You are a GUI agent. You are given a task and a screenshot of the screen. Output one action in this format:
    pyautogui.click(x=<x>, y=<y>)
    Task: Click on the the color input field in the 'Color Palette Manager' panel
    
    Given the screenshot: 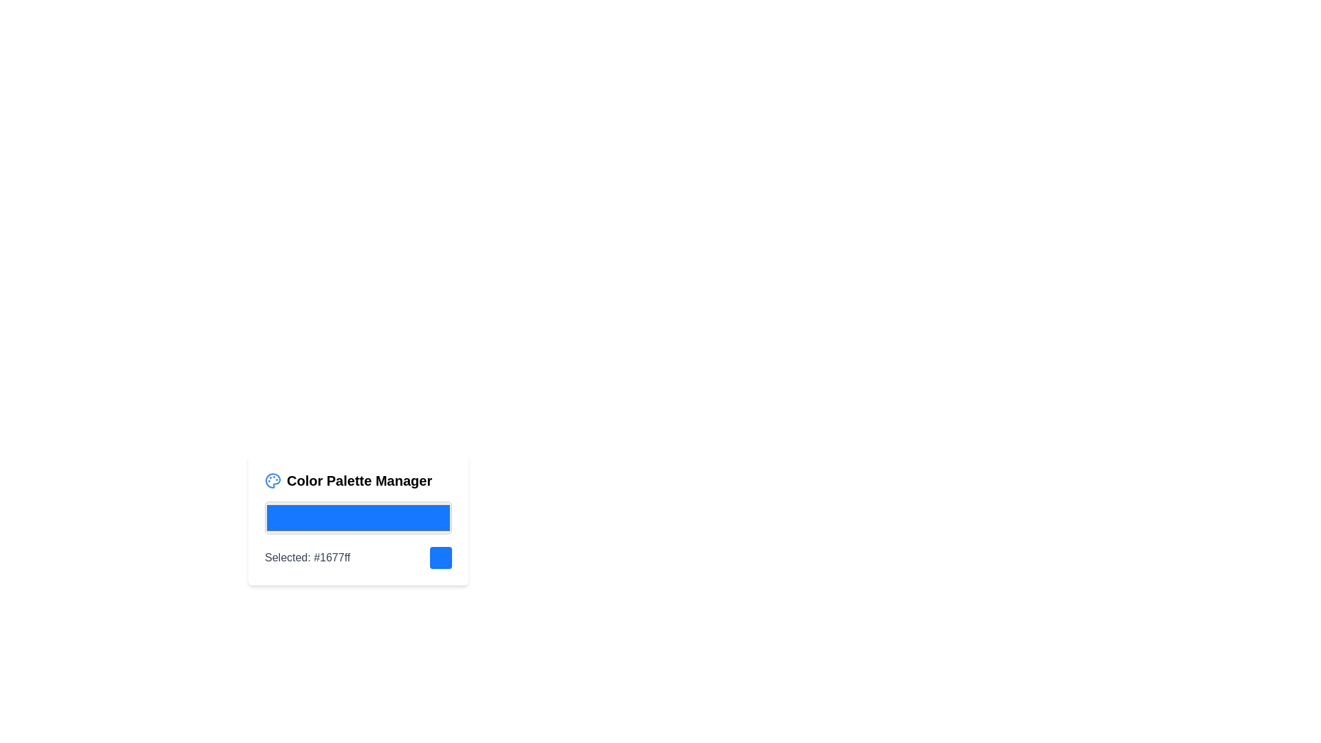 What is the action you would take?
    pyautogui.click(x=358, y=517)
    